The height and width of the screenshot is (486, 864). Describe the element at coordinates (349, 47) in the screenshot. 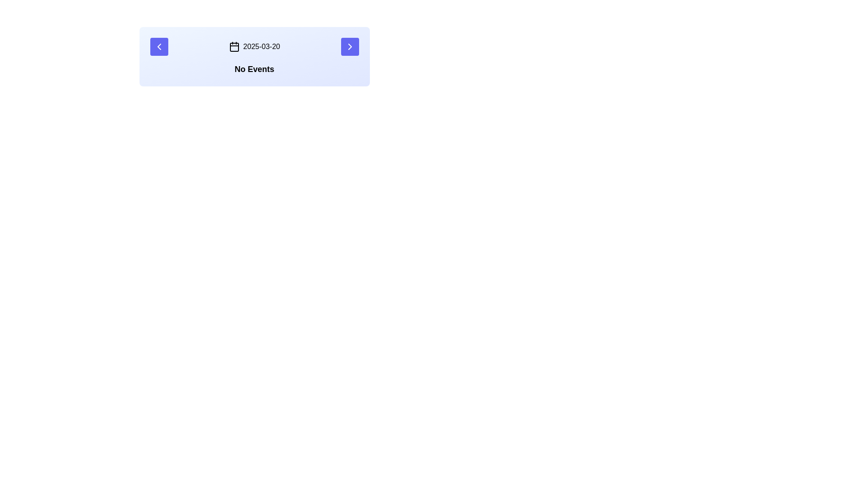

I see `the rightward-facing chevron icon located at the rightmost button of the panel` at that location.